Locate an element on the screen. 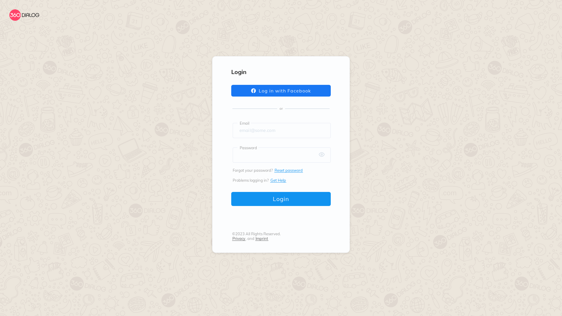 The image size is (562, 316). 'Reset password' is located at coordinates (288, 170).